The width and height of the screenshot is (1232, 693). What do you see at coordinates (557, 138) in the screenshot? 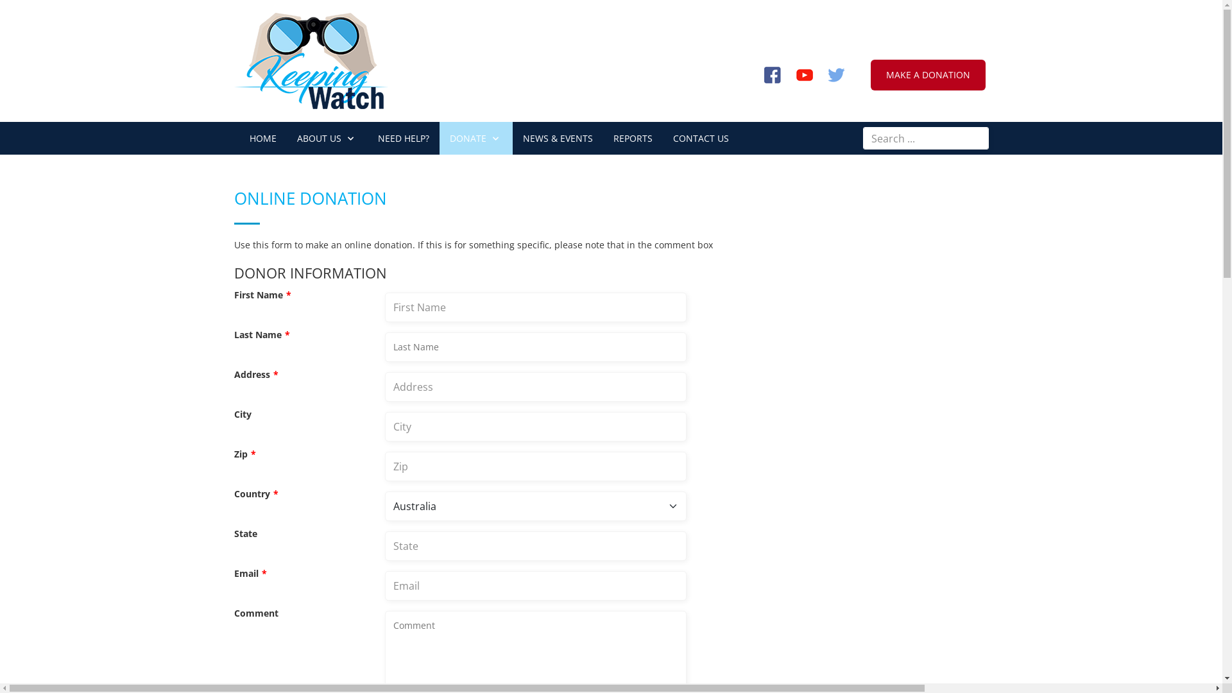
I see `'NEWS & EVENTS'` at bounding box center [557, 138].